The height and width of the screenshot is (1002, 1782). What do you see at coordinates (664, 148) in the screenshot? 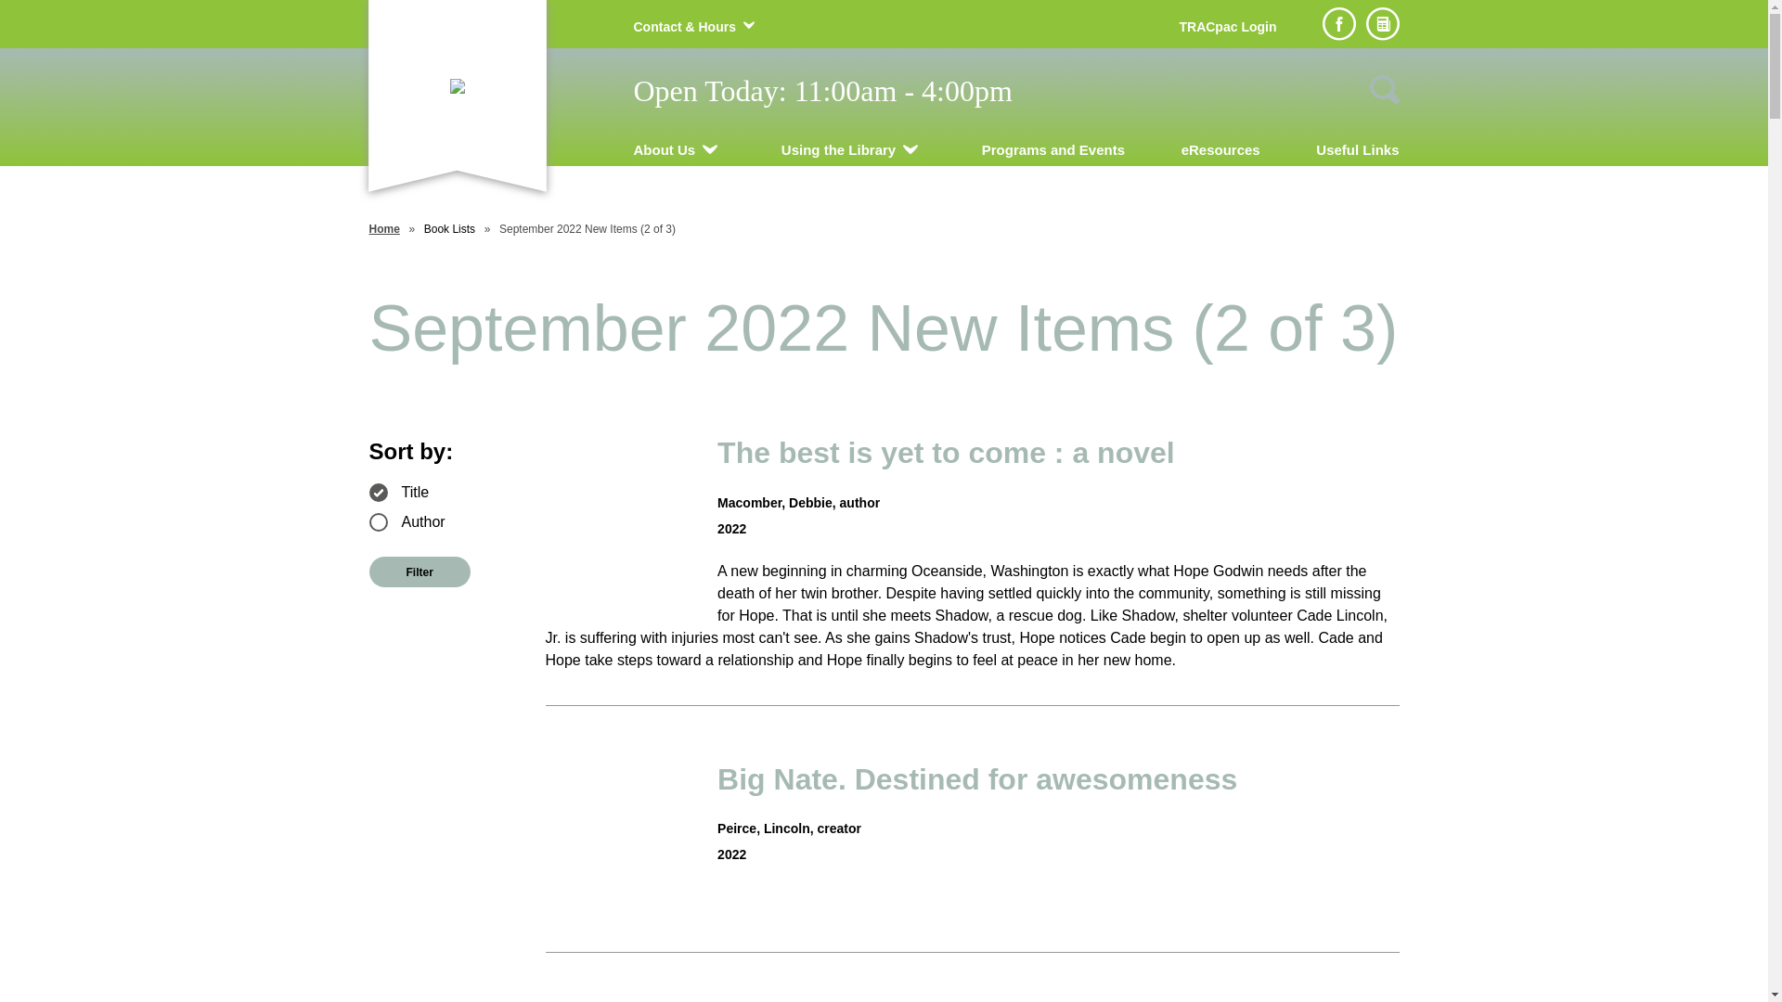
I see `'About Us'` at bounding box center [664, 148].